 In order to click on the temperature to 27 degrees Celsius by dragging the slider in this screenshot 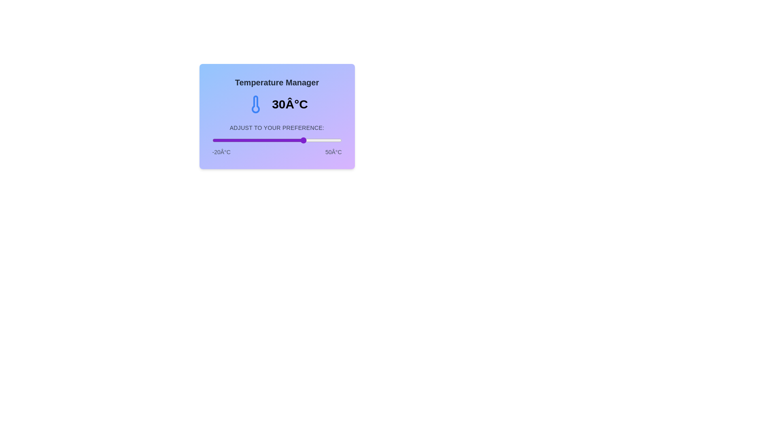, I will do `click(299, 140)`.